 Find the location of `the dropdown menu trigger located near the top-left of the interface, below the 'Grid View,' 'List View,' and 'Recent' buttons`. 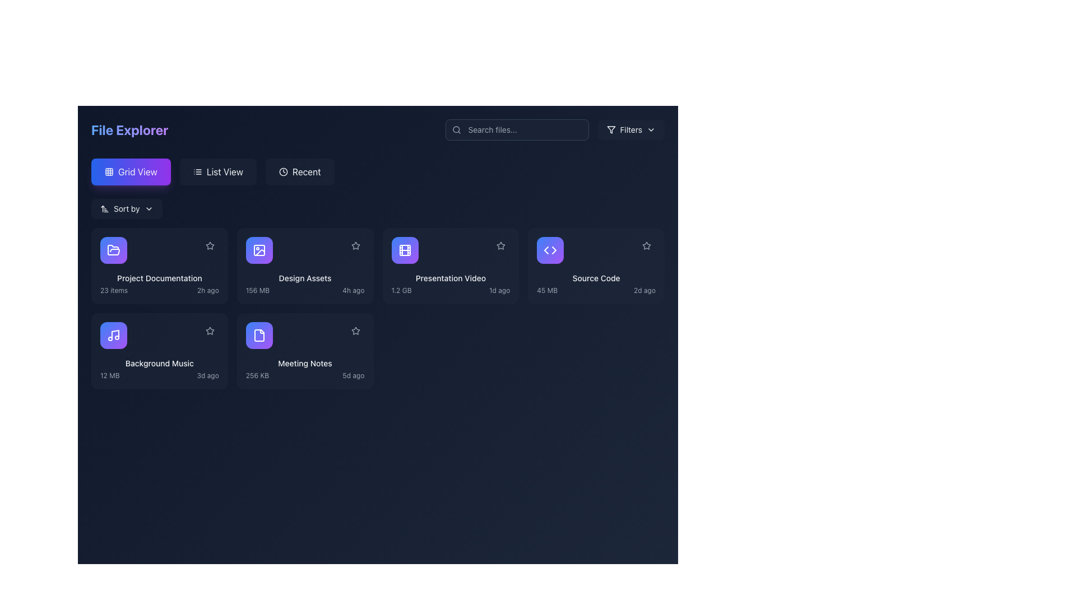

the dropdown menu trigger located near the top-left of the interface, below the 'Grid View,' 'List View,' and 'Recent' buttons is located at coordinates (127, 209).